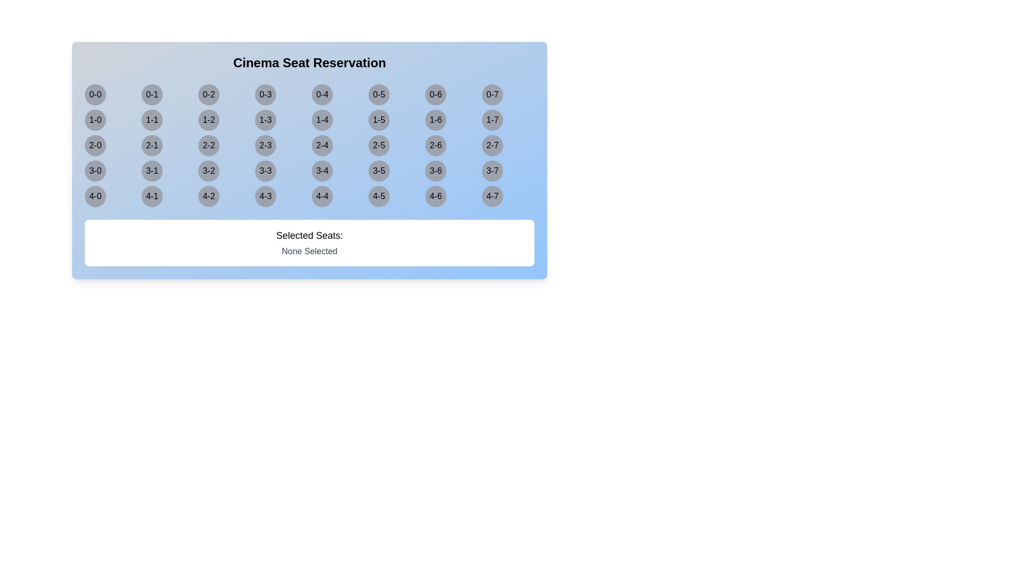 The image size is (1018, 572). I want to click on the circular button with gray background labeled '0-3', so click(265, 94).